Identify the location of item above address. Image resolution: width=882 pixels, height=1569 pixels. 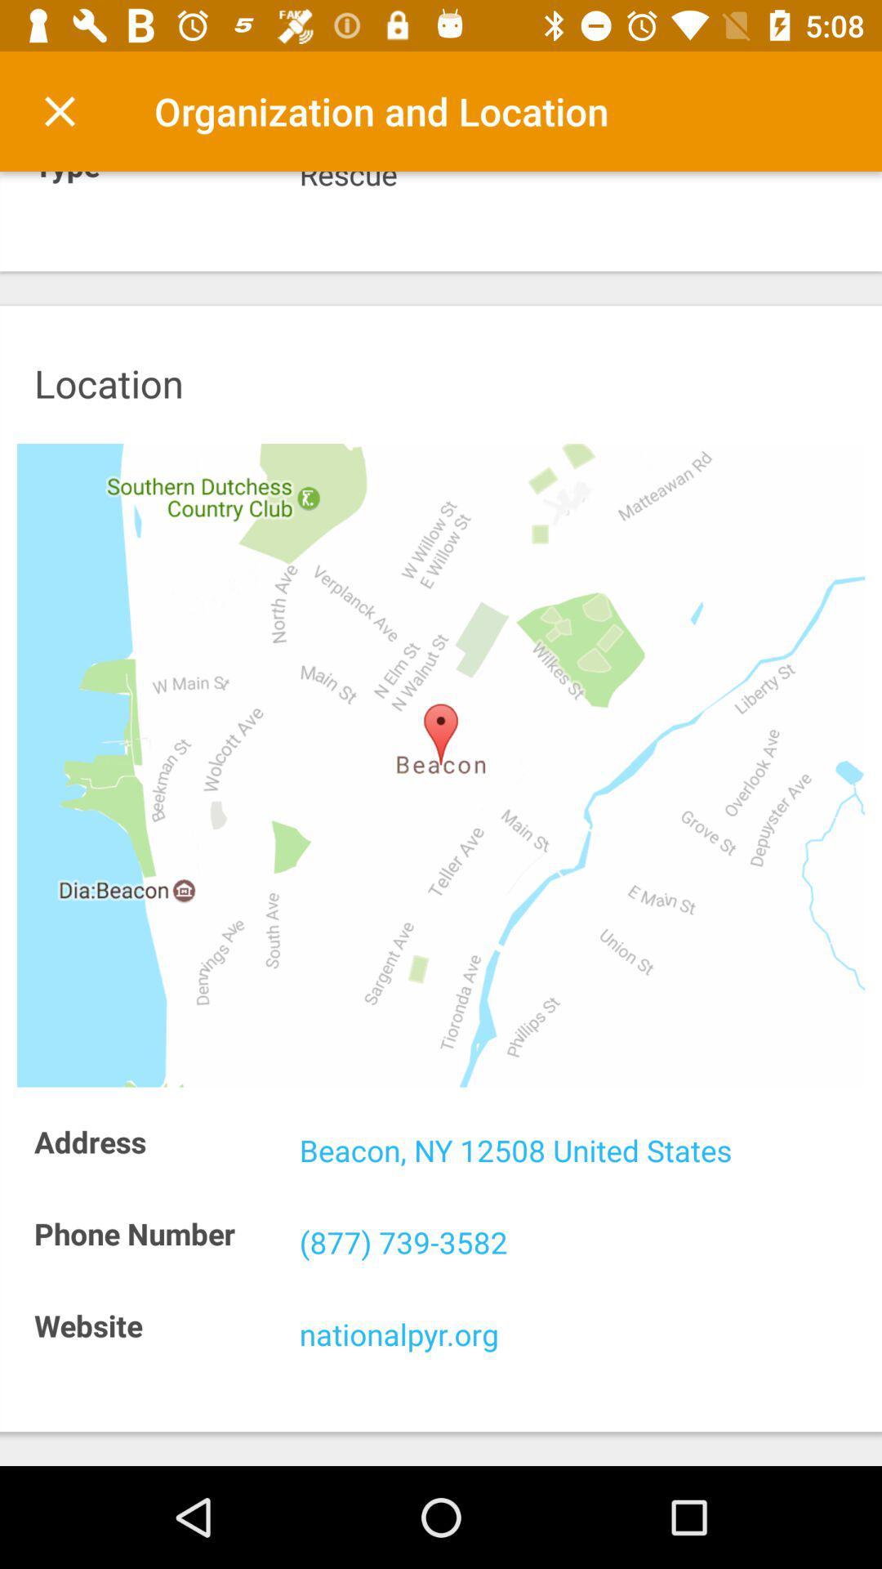
(441, 764).